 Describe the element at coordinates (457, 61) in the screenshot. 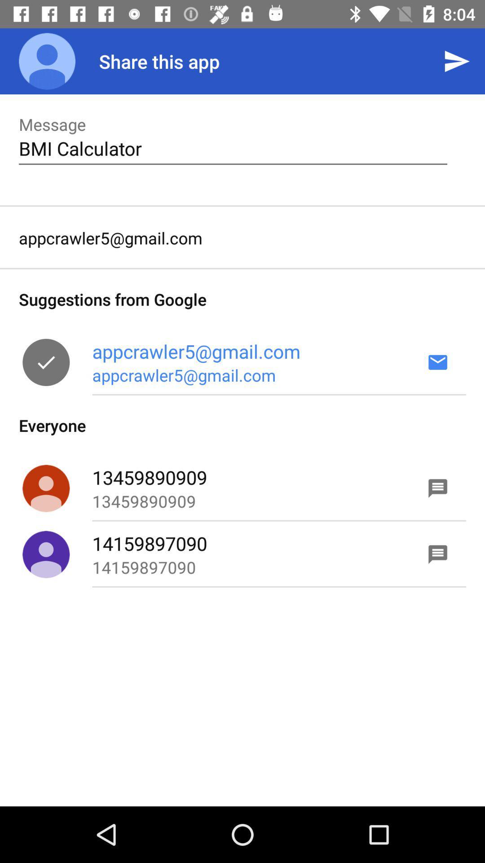

I see `the icon above the bmi calculator  item` at that location.